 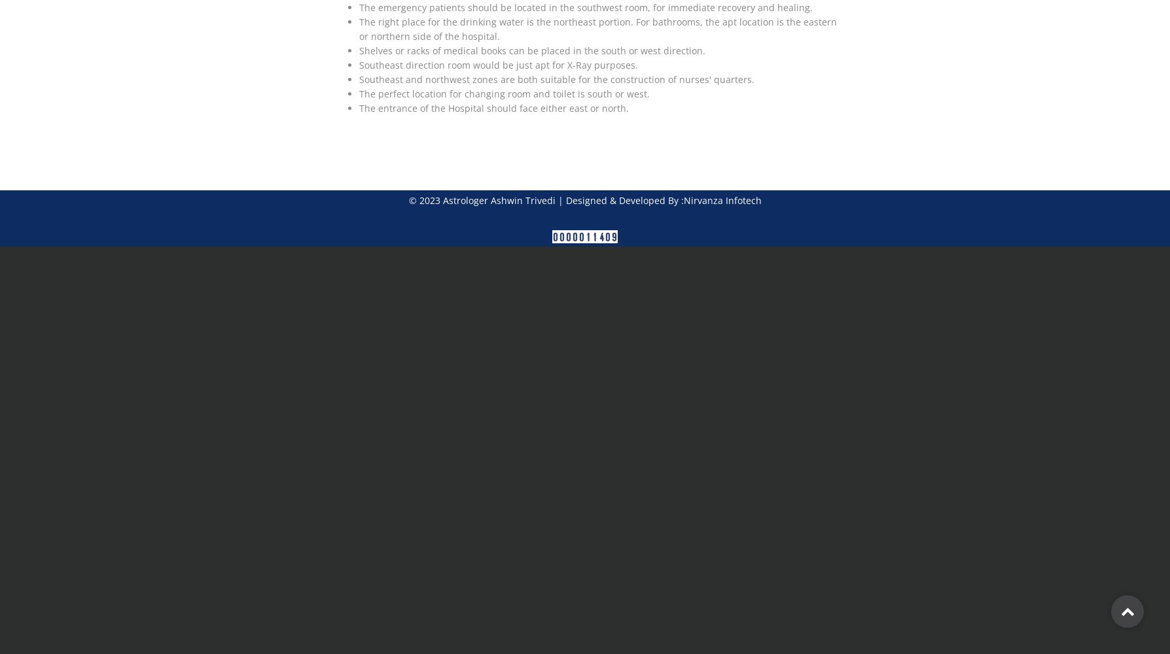 I want to click on 'Shelves or racks of medical books can be placed in the south or west direction.', so click(x=531, y=50).